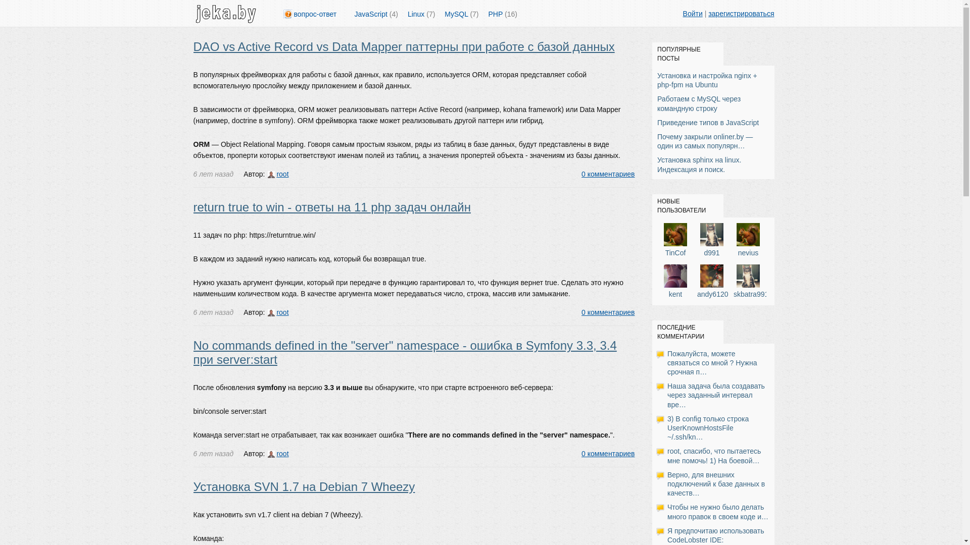 The image size is (970, 545). Describe the element at coordinates (421, 14) in the screenshot. I see `'Linux (7)'` at that location.